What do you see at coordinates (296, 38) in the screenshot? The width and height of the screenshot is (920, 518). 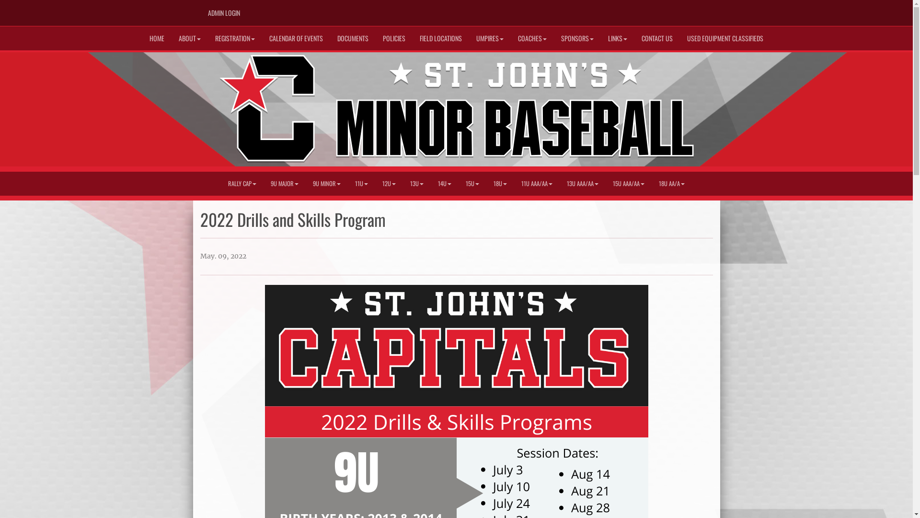 I see `'CALENDAR OF EVENTS'` at bounding box center [296, 38].